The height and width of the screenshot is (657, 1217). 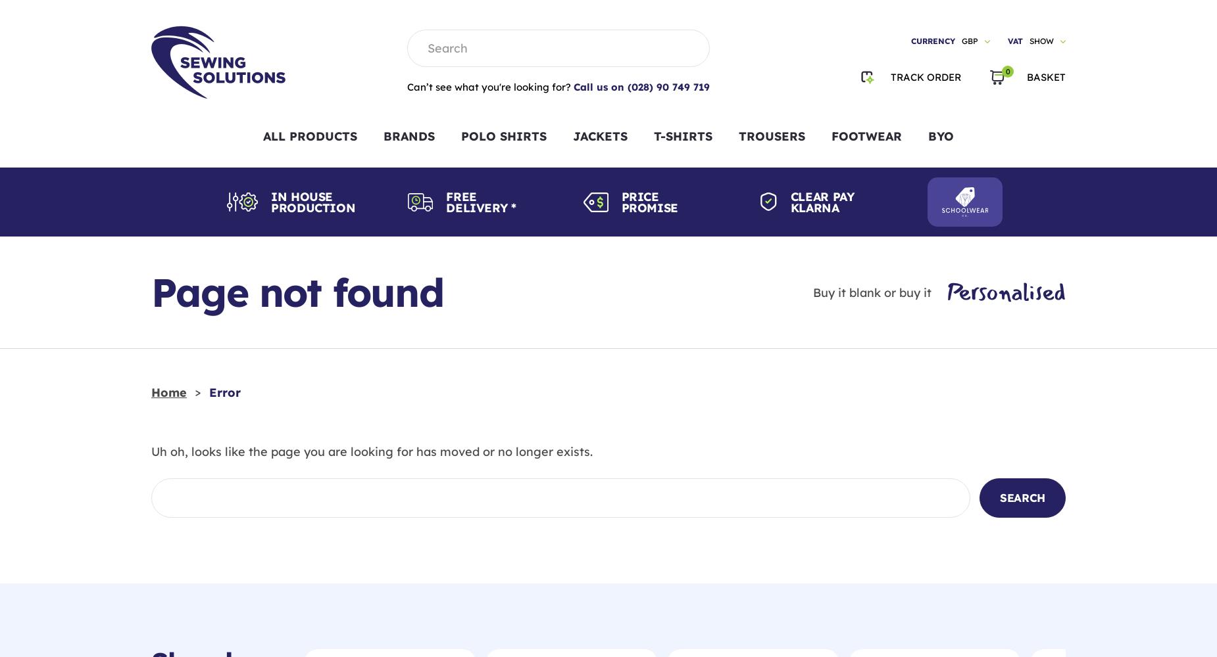 What do you see at coordinates (150, 291) in the screenshot?
I see `'Page not found'` at bounding box center [150, 291].